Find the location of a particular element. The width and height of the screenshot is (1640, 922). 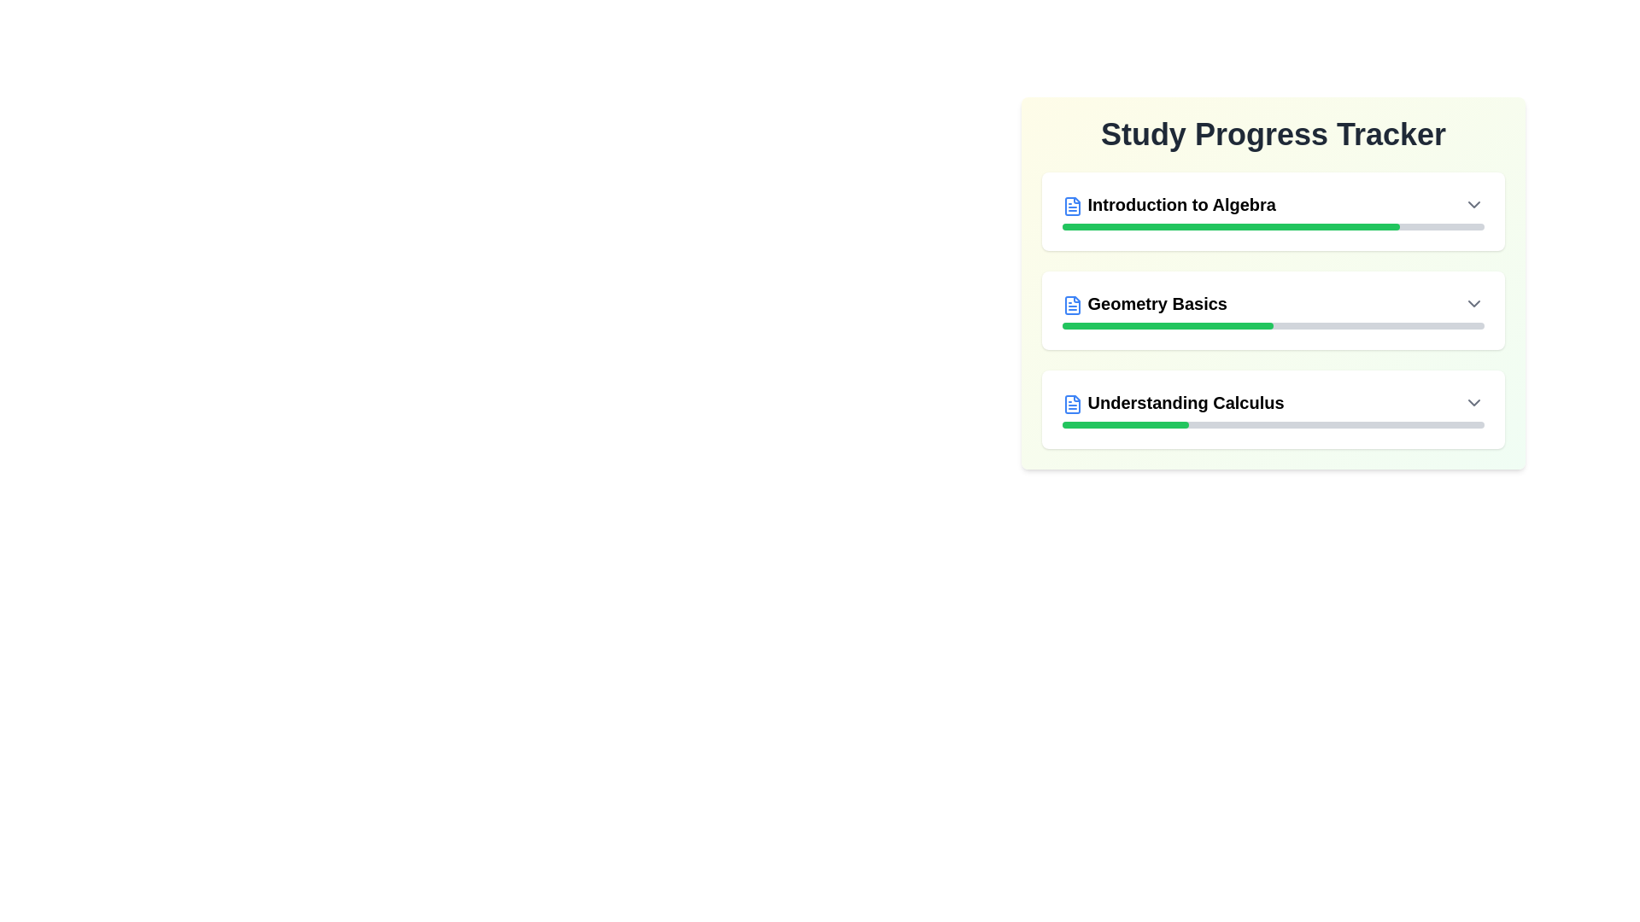

the green progress bar indicating 80% completion within the 'Geometry Basics' progress tracker section is located at coordinates (1231, 226).